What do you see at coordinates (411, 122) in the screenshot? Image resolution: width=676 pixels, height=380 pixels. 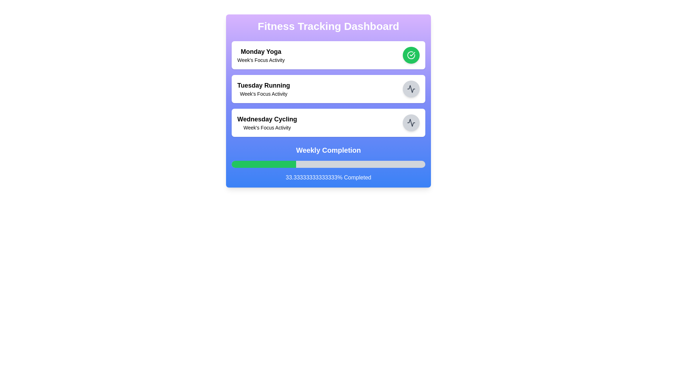 I see `the heartbeat wave icon with a thick gray outline inside the circular button located to the right of the 'Tuesday Running' section in the dashboard` at bounding box center [411, 122].